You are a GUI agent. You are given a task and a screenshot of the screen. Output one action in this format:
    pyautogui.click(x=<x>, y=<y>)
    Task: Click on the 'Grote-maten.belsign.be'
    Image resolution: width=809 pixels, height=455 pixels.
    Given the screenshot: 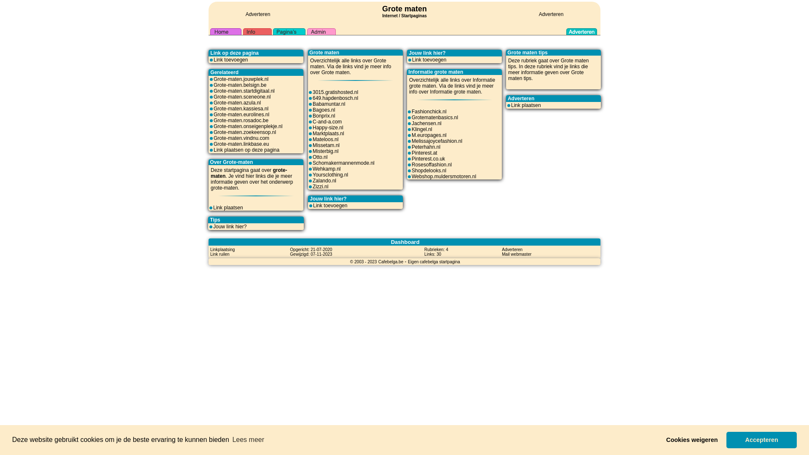 What is the action you would take?
    pyautogui.click(x=239, y=85)
    